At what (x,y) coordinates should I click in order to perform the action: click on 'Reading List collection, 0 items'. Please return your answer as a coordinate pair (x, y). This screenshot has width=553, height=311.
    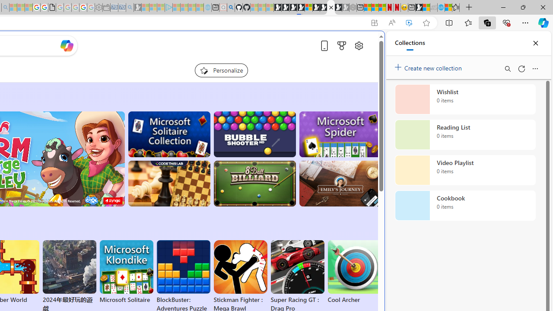
    Looking at the image, I should click on (465, 135).